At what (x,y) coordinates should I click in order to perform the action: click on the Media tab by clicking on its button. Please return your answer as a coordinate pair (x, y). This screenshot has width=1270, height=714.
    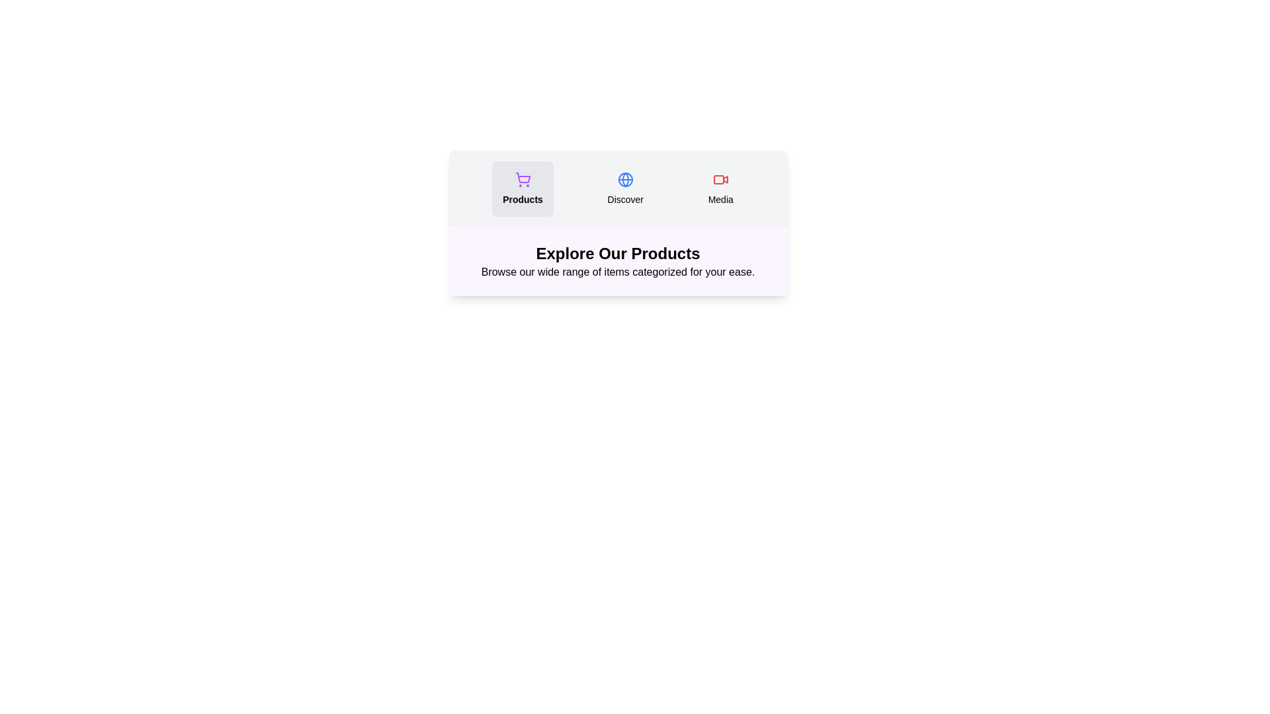
    Looking at the image, I should click on (720, 188).